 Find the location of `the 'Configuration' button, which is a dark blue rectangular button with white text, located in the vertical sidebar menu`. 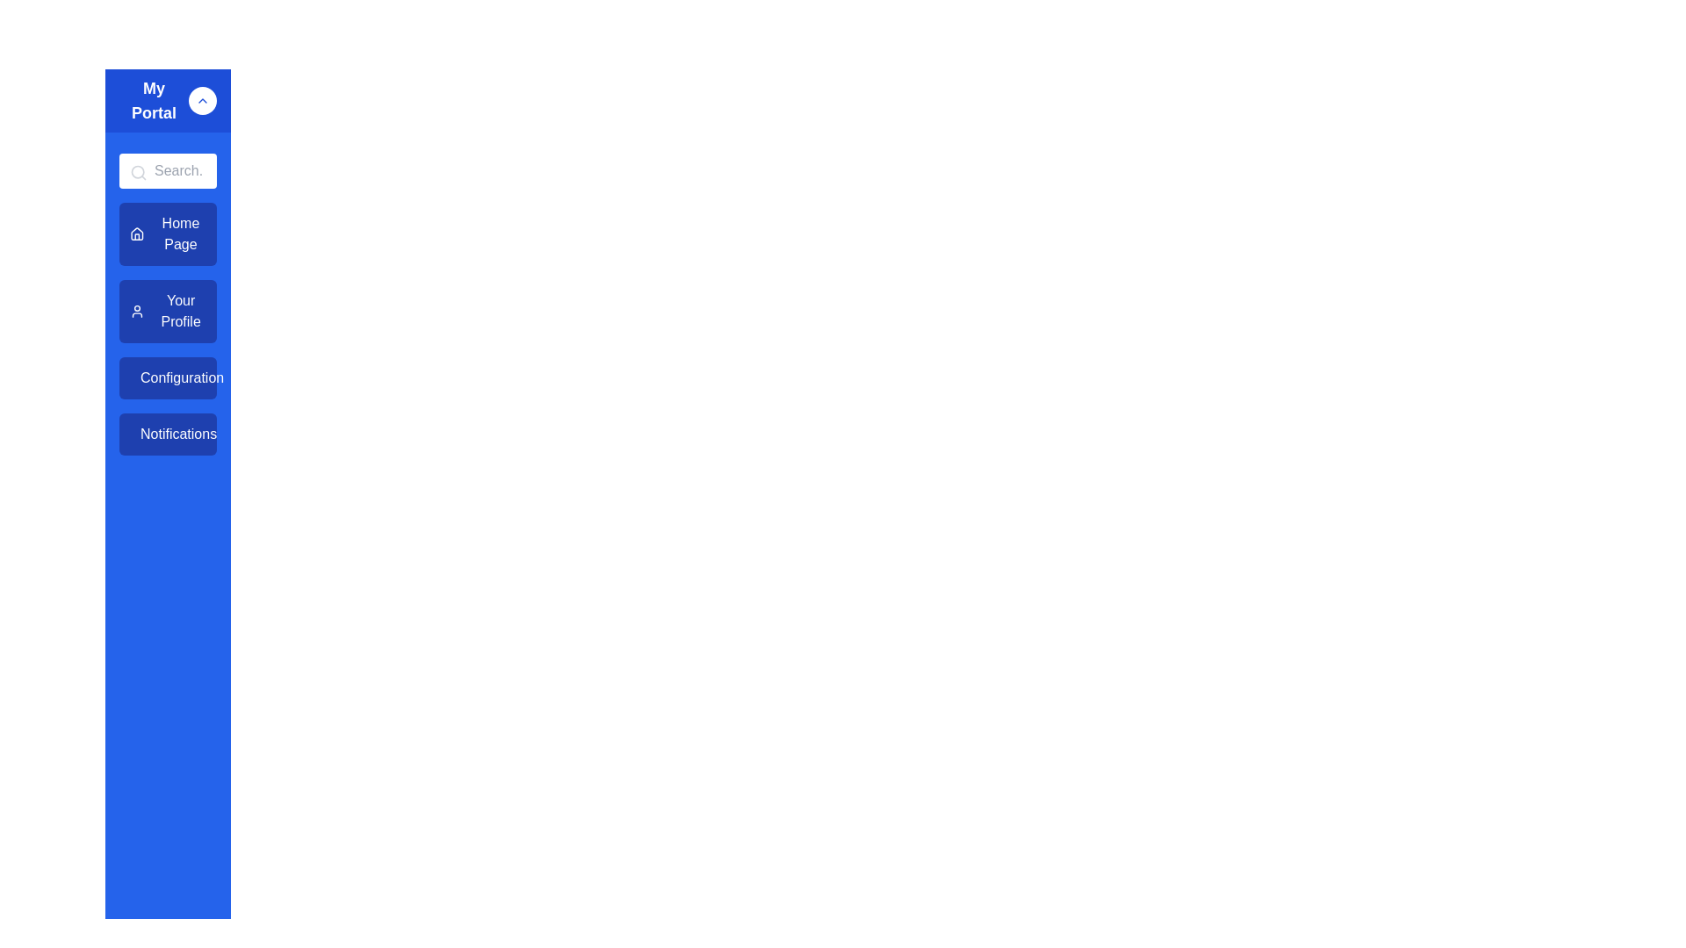

the 'Configuration' button, which is a dark blue rectangular button with white text, located in the vertical sidebar menu is located at coordinates (168, 377).